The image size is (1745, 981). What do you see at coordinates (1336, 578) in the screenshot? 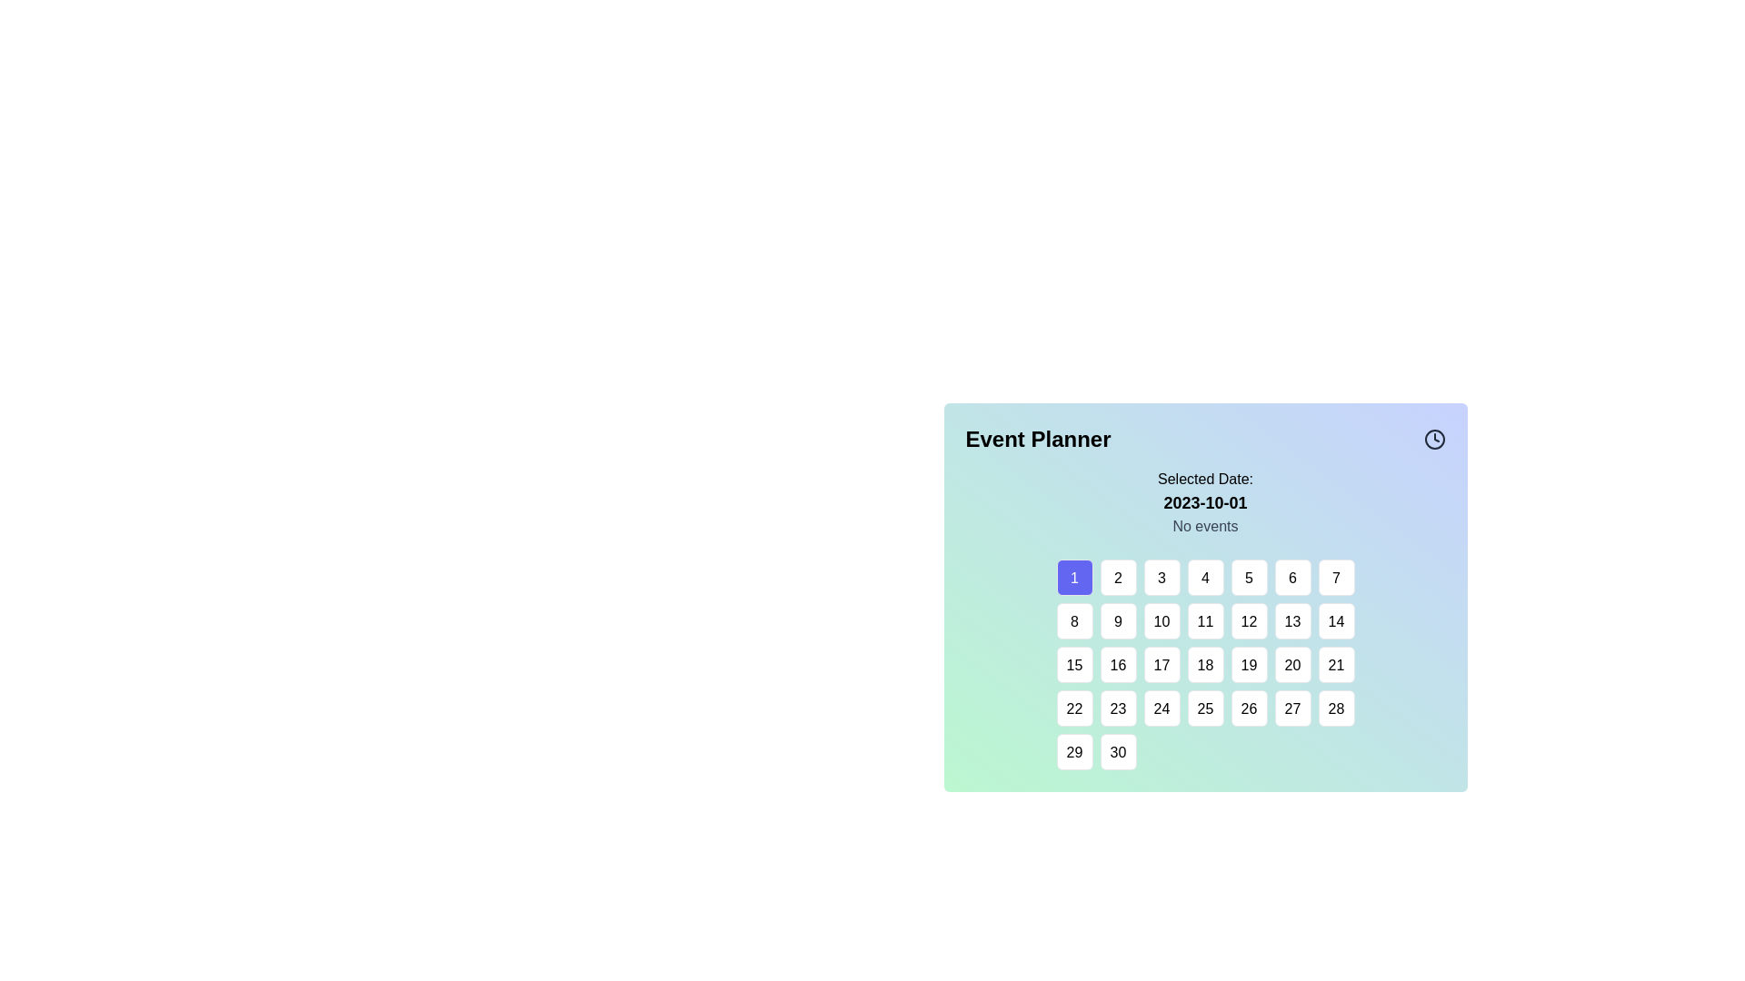
I see `the date button representing the 7th day in the date-picker interface` at bounding box center [1336, 578].